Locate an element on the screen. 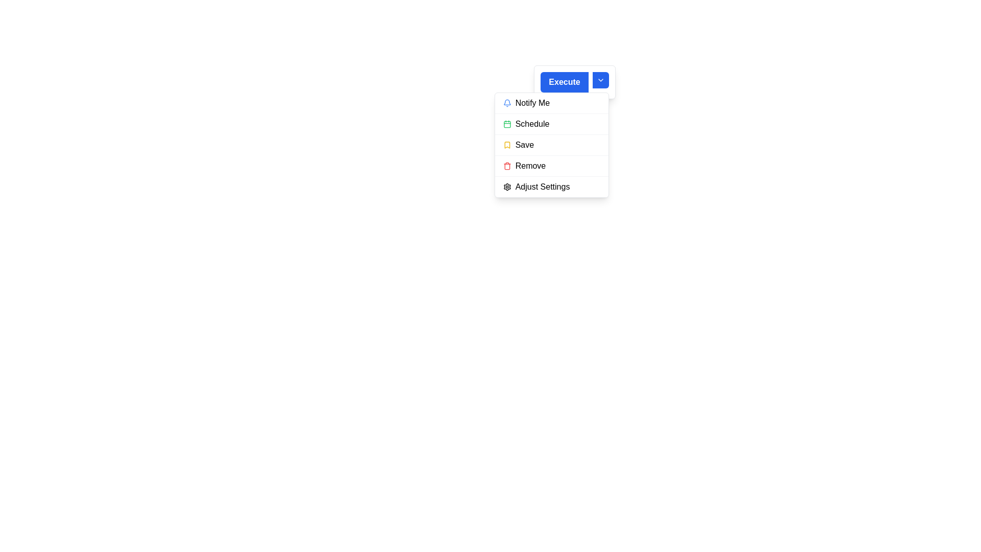  to select the 'Adjust Settings' option from the dropdown menu, which is the fifth item listed below 'Remove' is located at coordinates (551, 187).